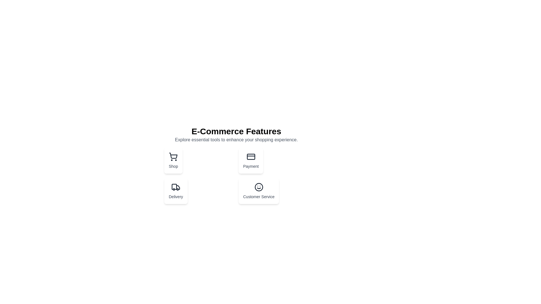 The height and width of the screenshot is (304, 541). What do you see at coordinates (273, 191) in the screenshot?
I see `the 'Customer Service' interactive card located in the bottom-right corner of the grid` at bounding box center [273, 191].